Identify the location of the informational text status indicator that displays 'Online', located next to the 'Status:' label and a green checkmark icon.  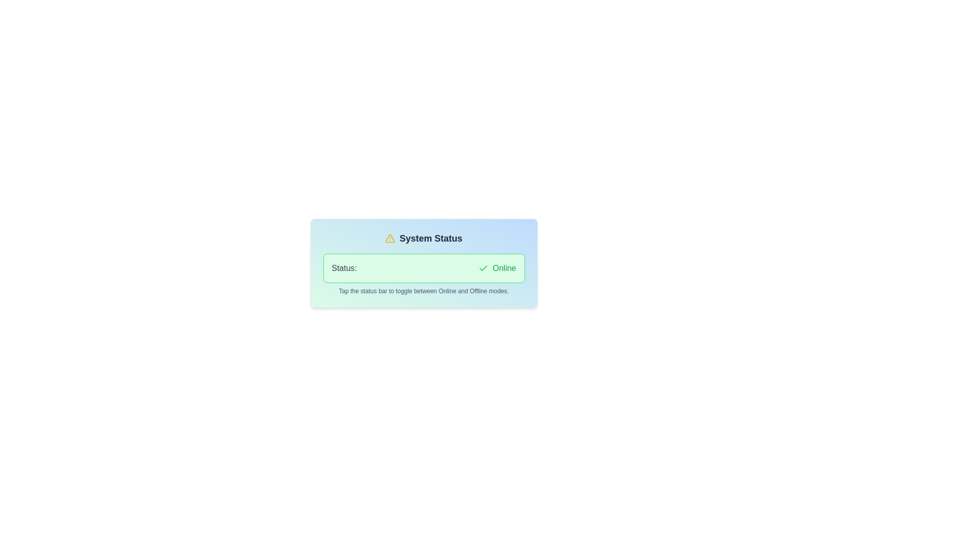
(497, 267).